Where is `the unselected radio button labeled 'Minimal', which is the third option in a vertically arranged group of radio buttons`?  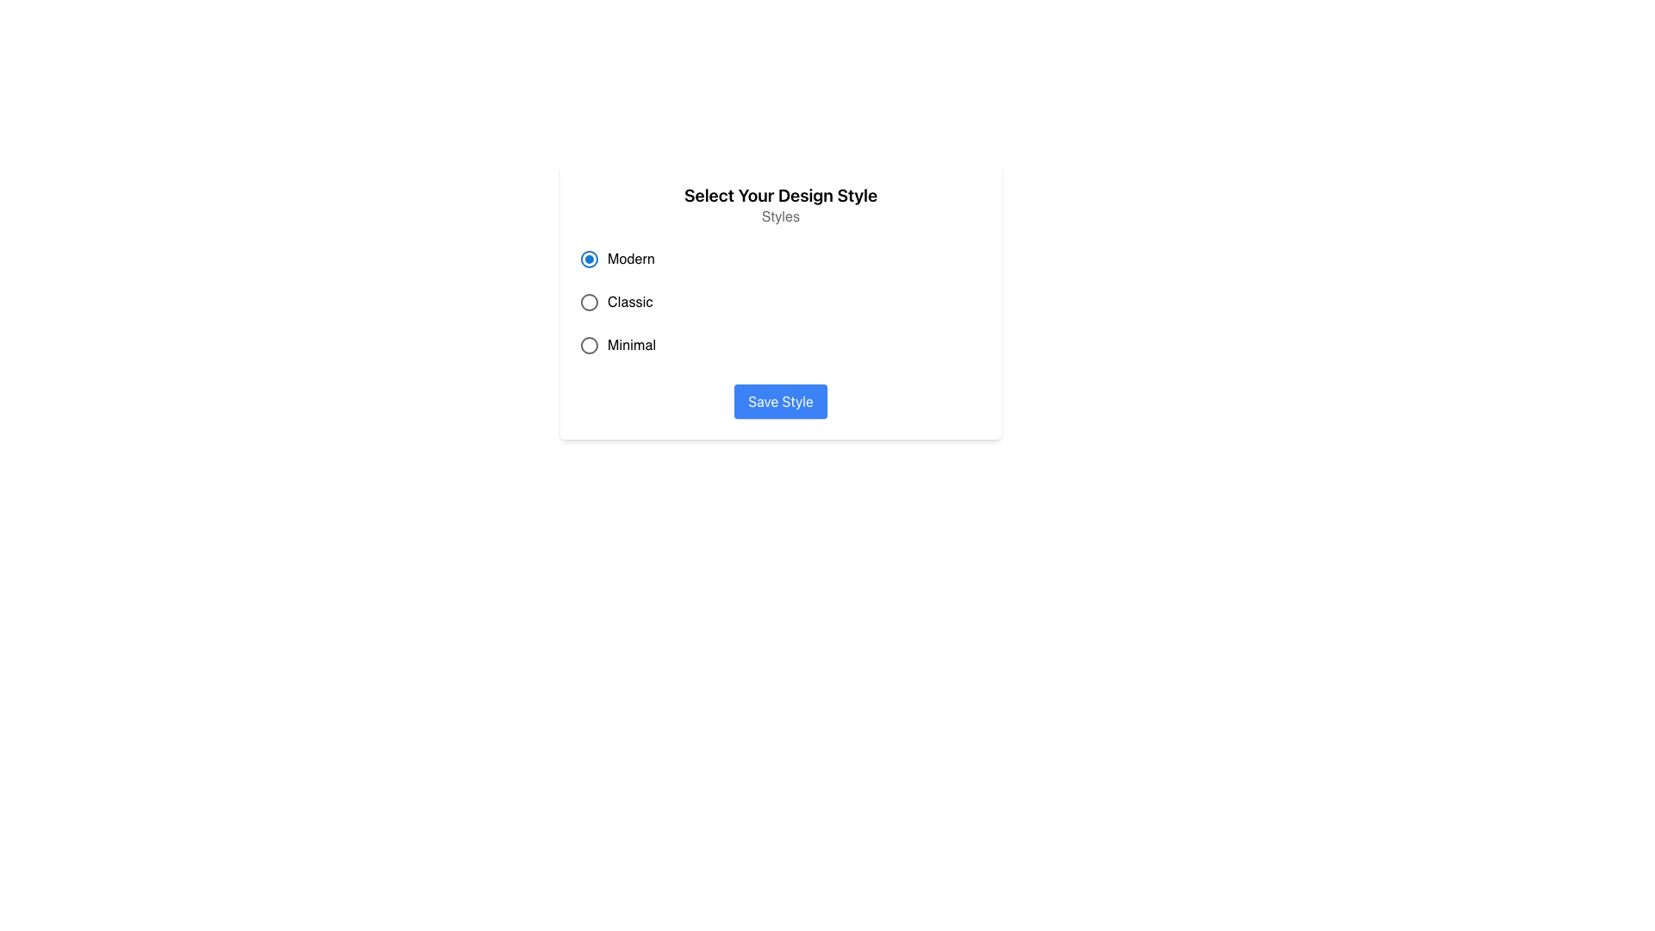
the unselected radio button labeled 'Minimal', which is the third option in a vertically arranged group of radio buttons is located at coordinates (768, 346).